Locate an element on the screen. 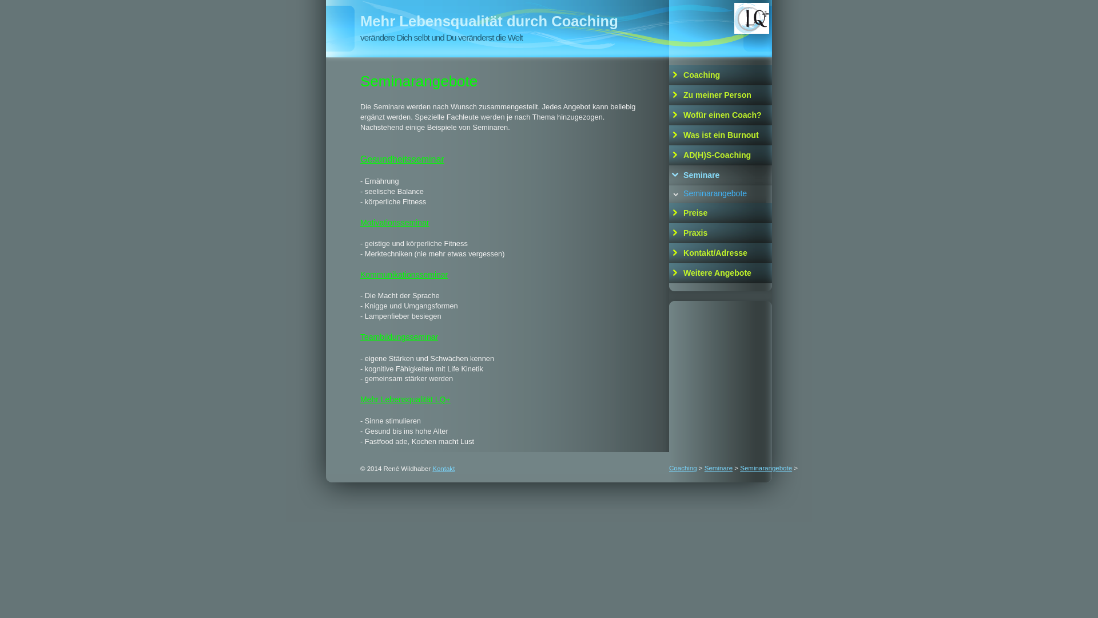  'Kontakt/Adresse' is located at coordinates (719, 252).